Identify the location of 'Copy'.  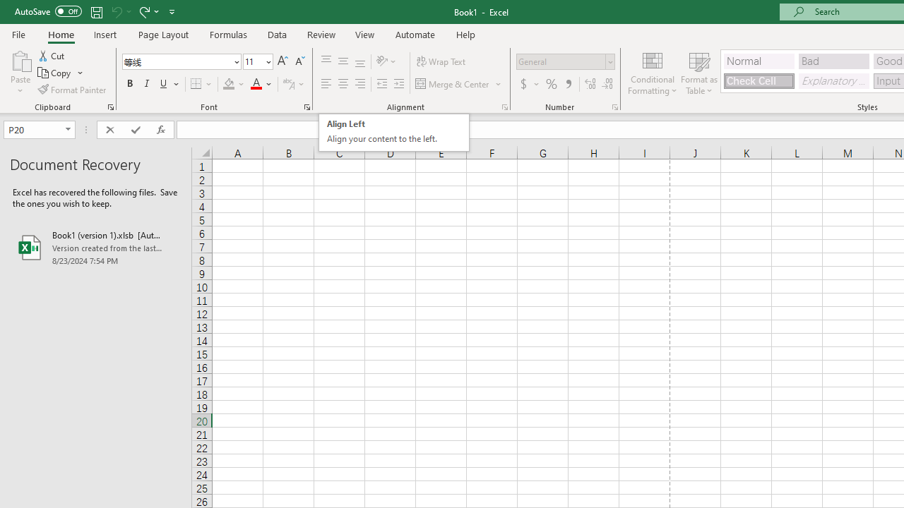
(60, 73).